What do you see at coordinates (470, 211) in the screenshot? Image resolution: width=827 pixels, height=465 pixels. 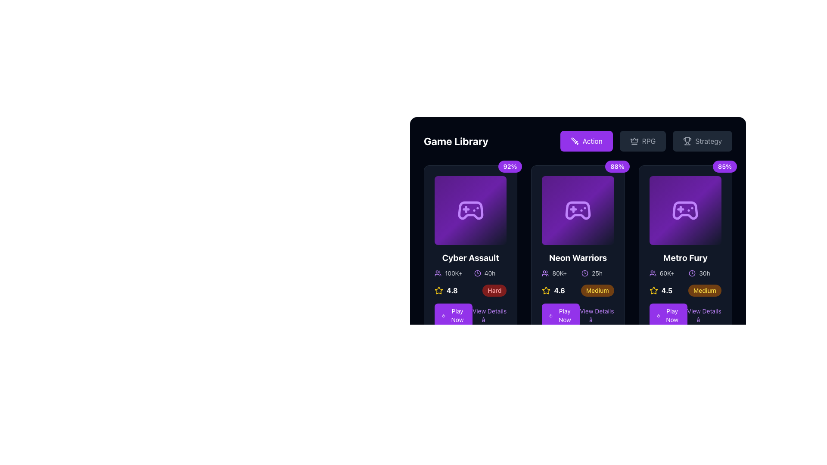 I see `the purple game controller icon located at the top-center of the 'Cyber Assault' game card in the Game Library section` at bounding box center [470, 211].